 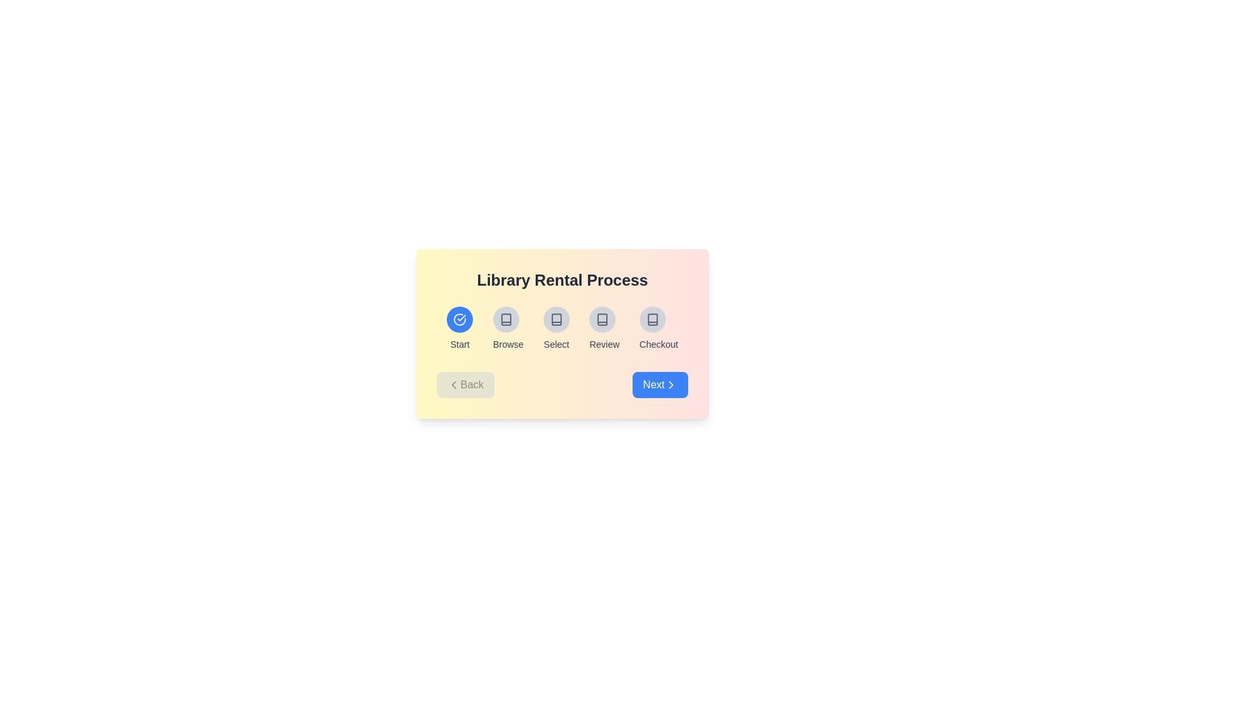 What do you see at coordinates (602, 320) in the screenshot?
I see `the icon representing the Review stage` at bounding box center [602, 320].